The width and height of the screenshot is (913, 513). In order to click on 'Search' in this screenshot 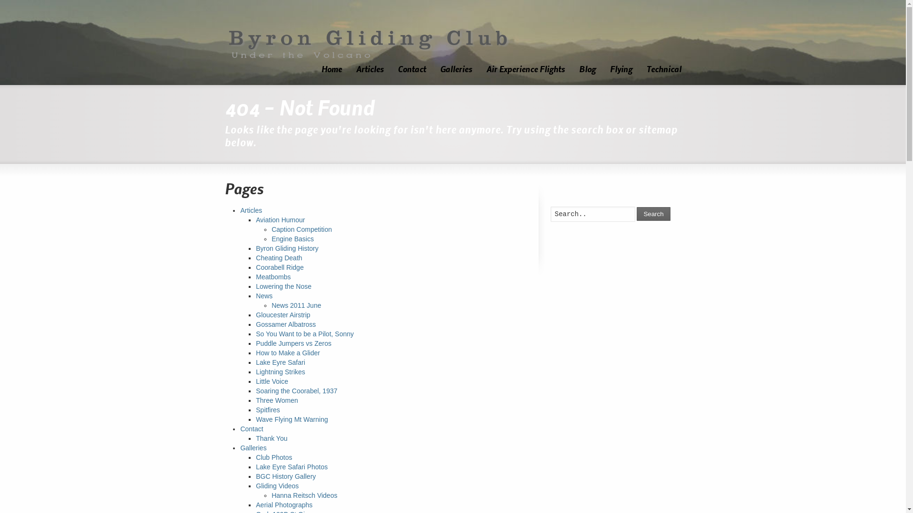, I will do `click(637, 214)`.